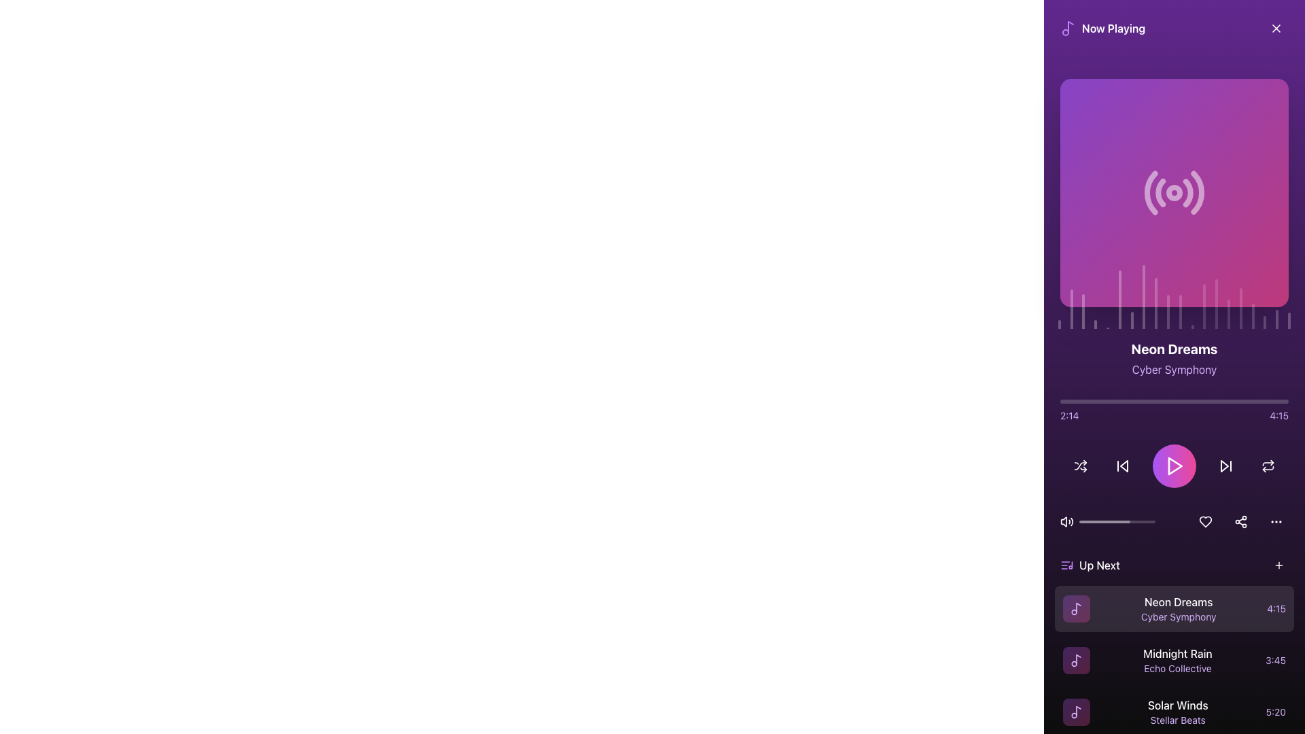 The image size is (1305, 734). Describe the element at coordinates (1077, 607) in the screenshot. I see `the thin, curved purple vector graphic that is part of a music note icon, located on the right side of the 'Neon Dreams' list item in a playlist interface` at that location.